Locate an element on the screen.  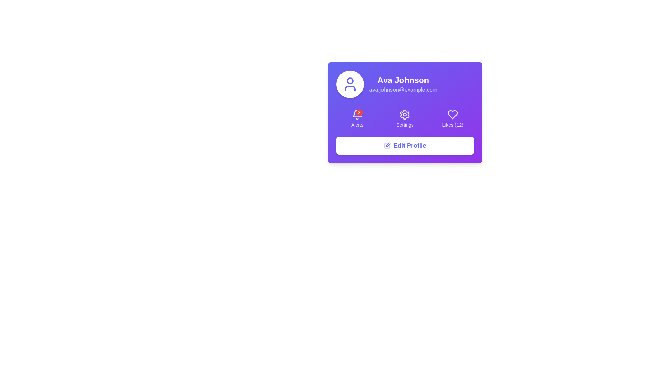
the heart-shaped icon filled with a purple shade located at the top right of the card design to interact with it, likely incrementing the like count or displaying related information is located at coordinates (453, 114).